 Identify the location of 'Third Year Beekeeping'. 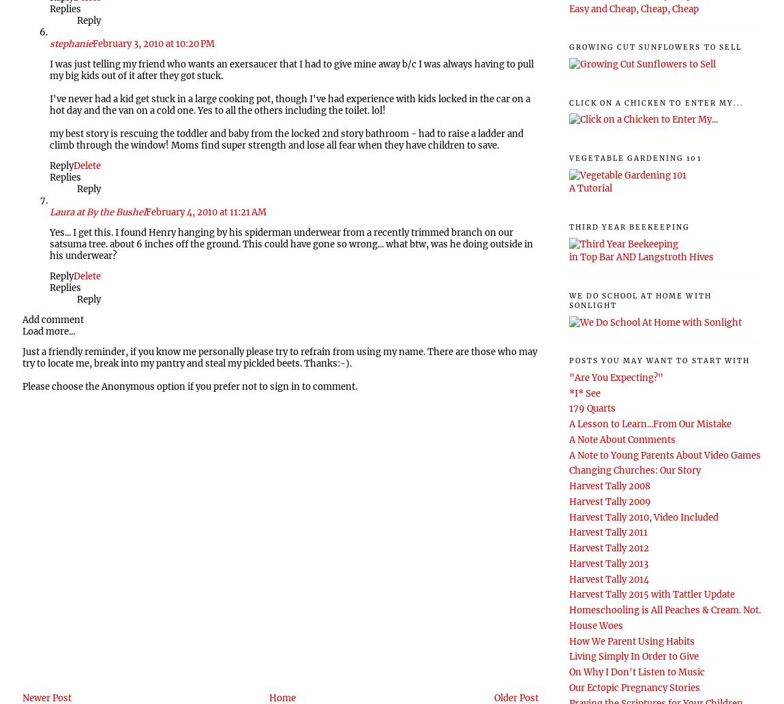
(629, 226).